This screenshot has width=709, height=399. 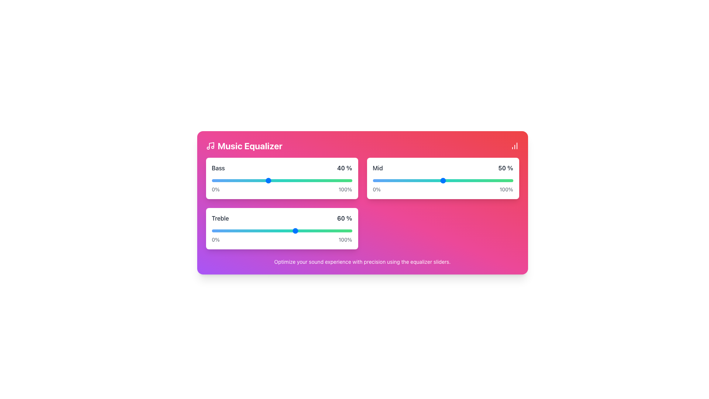 I want to click on the 'Bass' range slider, so click(x=281, y=178).